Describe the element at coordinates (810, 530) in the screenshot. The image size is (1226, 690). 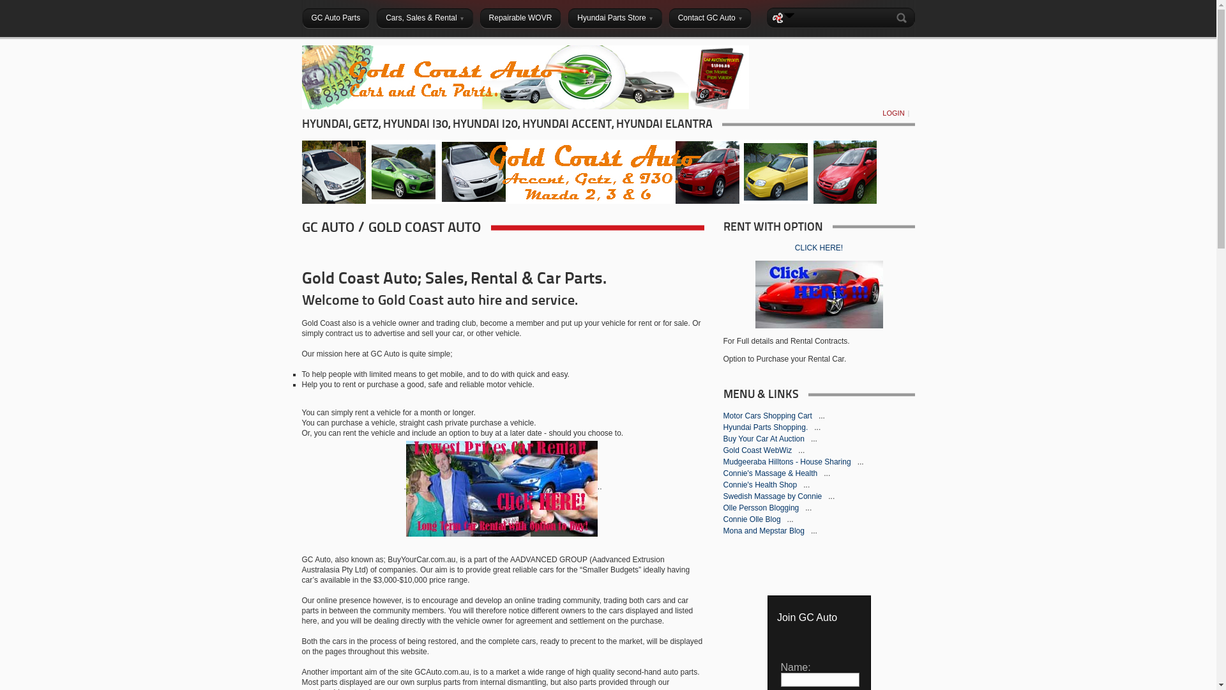
I see `'...'` at that location.